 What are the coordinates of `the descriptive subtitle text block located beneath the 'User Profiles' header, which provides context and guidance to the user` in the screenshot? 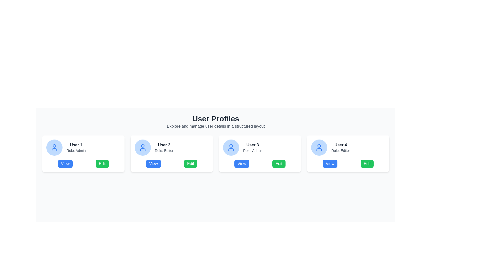 It's located at (216, 126).